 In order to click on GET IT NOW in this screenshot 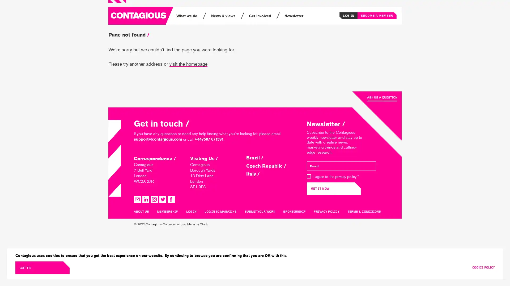, I will do `click(333, 188)`.